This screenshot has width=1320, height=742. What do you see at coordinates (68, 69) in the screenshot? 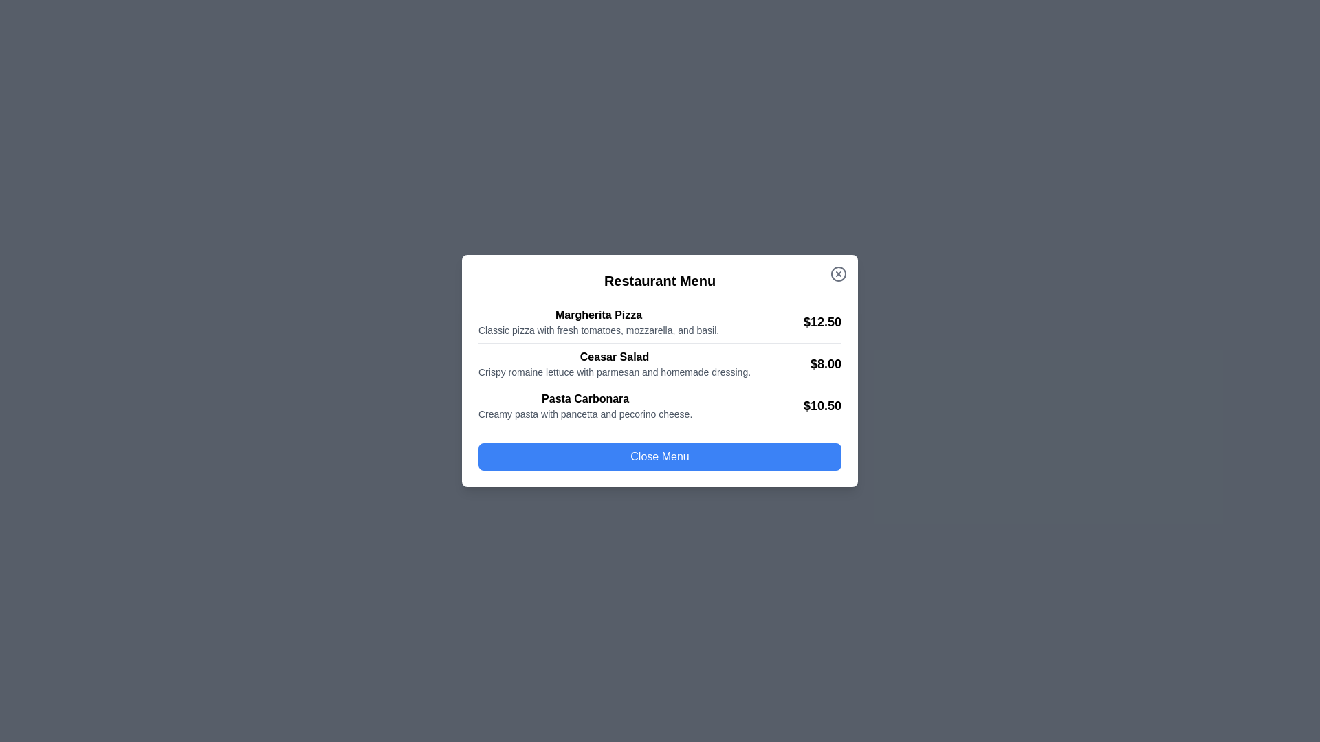
I see `the background gray overlay to dismiss the dialog` at bounding box center [68, 69].